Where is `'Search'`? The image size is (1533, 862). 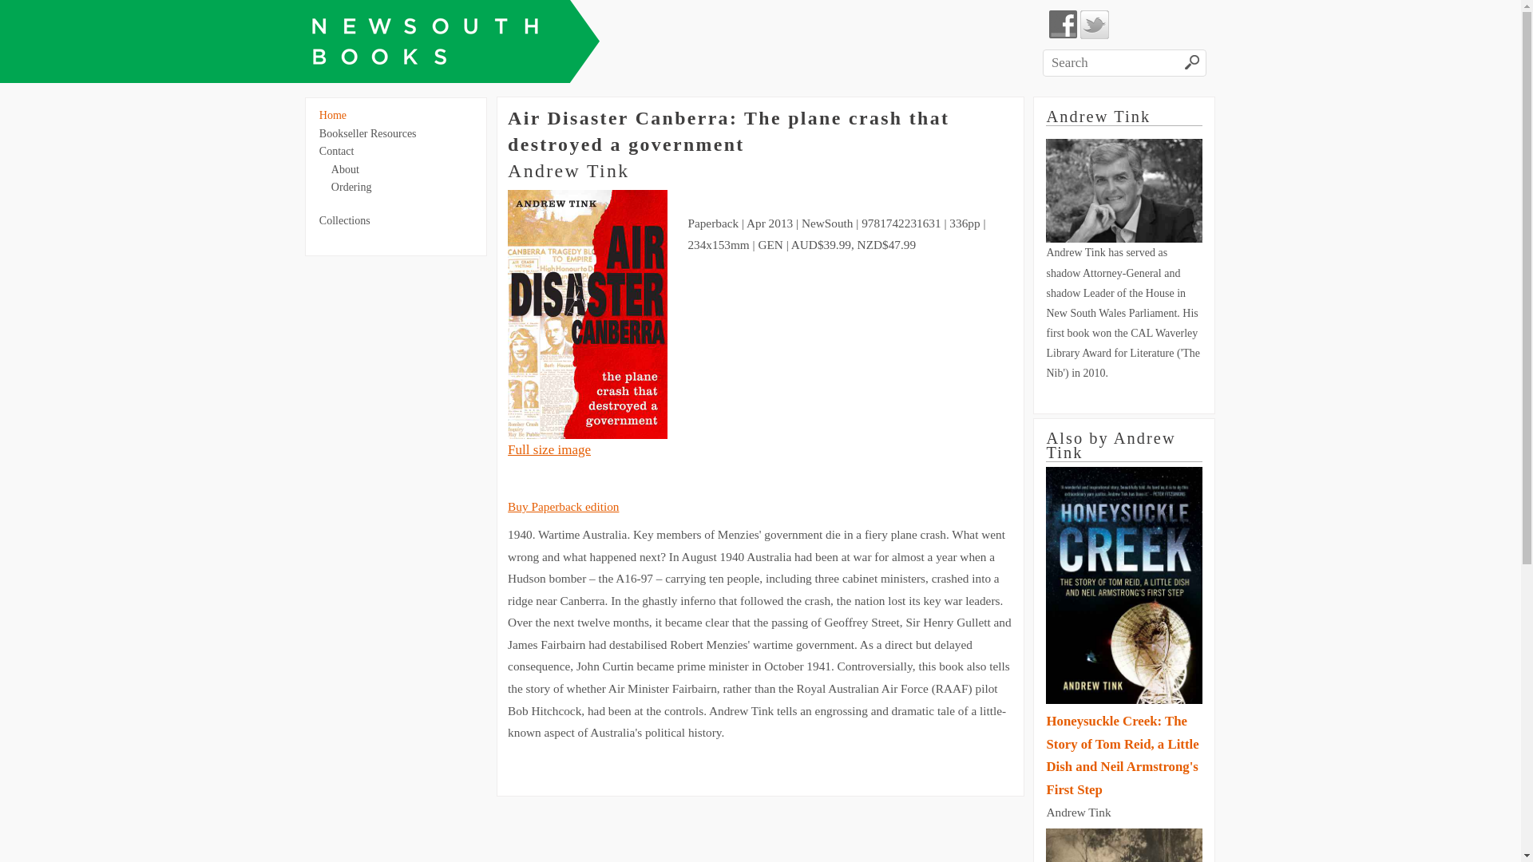
'Search' is located at coordinates (1192, 63).